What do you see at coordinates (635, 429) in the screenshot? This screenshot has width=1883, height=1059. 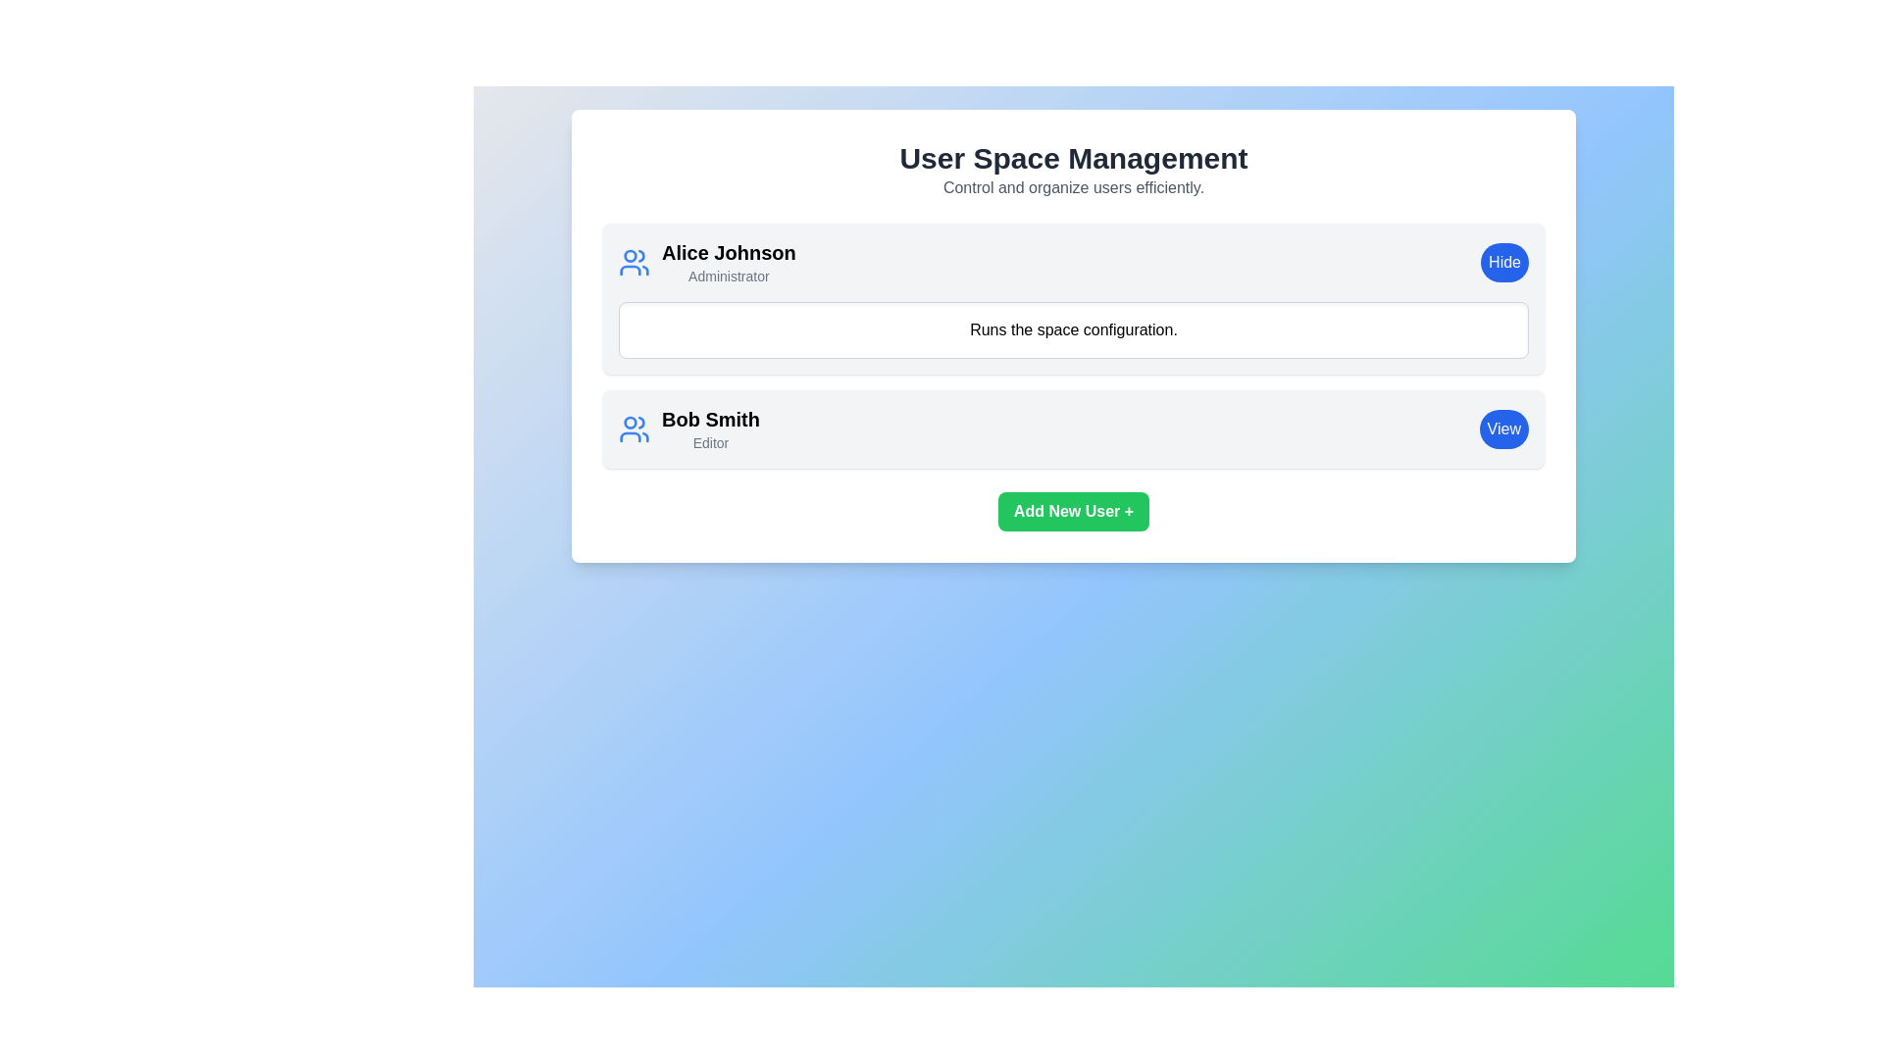 I see `the user role icon located at the leftmost side of the 'Bob Smith Editor' section in the top bar` at bounding box center [635, 429].